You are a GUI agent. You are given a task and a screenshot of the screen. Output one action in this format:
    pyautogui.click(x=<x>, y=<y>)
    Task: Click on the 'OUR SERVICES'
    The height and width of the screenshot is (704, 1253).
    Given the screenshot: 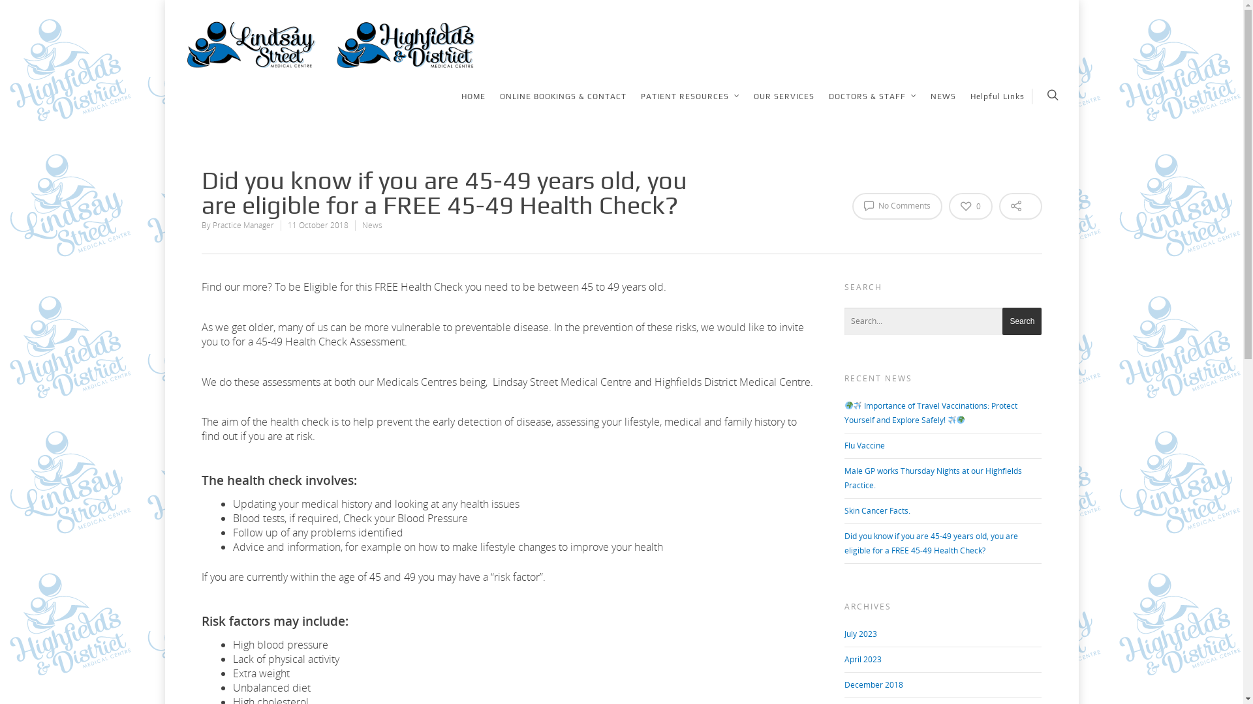 What is the action you would take?
    pyautogui.click(x=783, y=105)
    